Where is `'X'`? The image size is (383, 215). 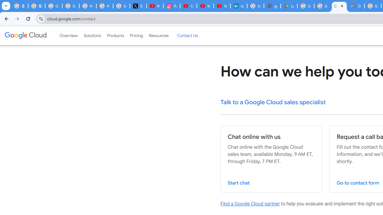 'X' is located at coordinates (138, 6).